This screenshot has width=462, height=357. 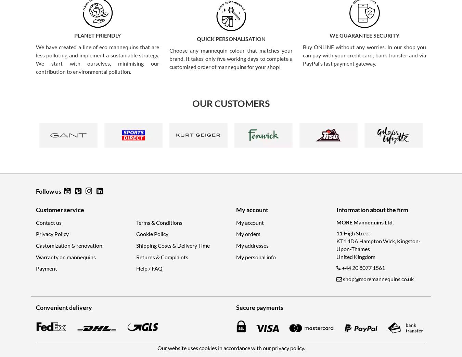 I want to click on 'PLANET FRIENDLY', so click(x=97, y=35).